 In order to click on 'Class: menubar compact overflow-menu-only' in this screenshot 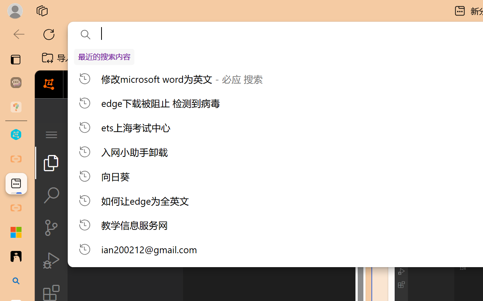, I will do `click(51, 135)`.